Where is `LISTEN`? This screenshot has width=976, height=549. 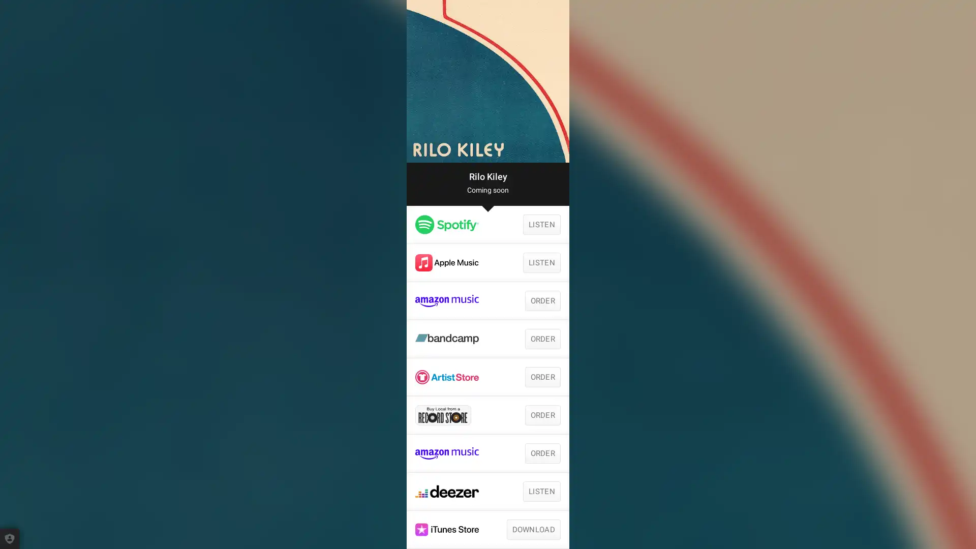 LISTEN is located at coordinates (541, 262).